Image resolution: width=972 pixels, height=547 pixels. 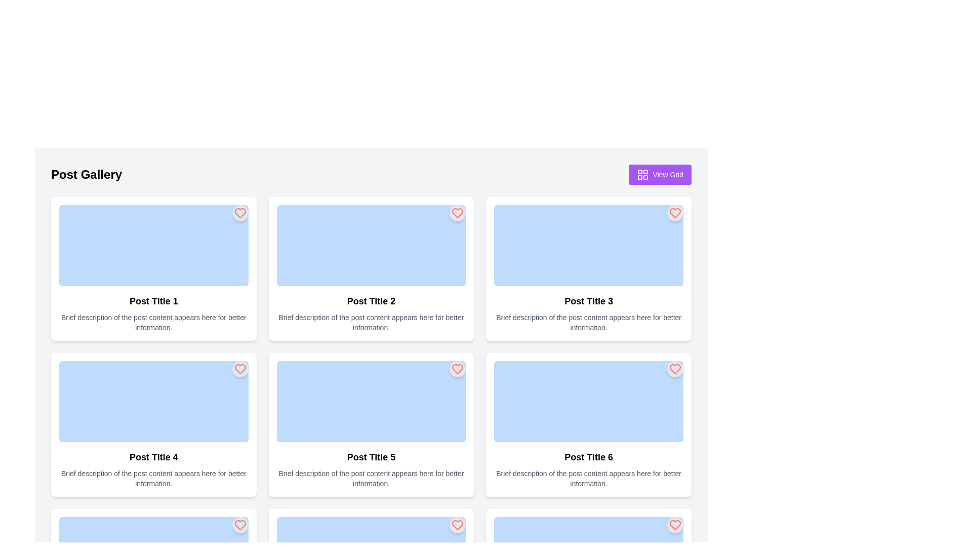 I want to click on the 'View Grid' button which contains a grid layout icon represented by four smaller squares in a 2x2 pattern, located in the top-right corner of the layout, so click(x=642, y=174).